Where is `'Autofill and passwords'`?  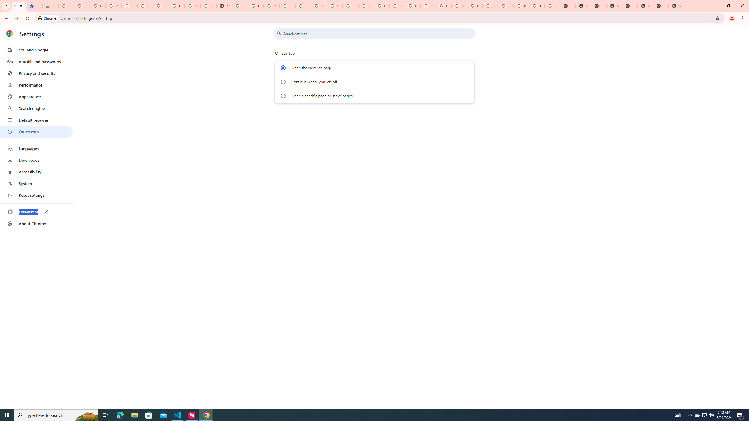 'Autofill and passwords' is located at coordinates (36, 61).